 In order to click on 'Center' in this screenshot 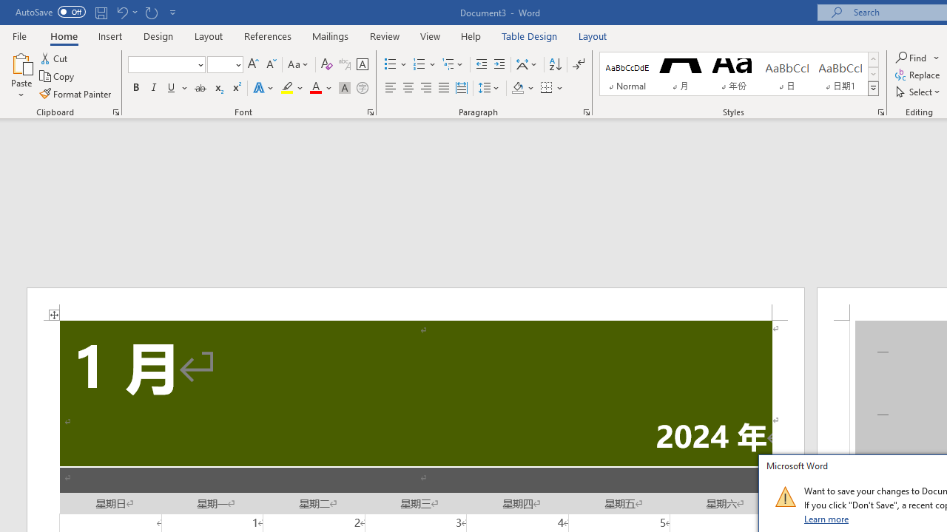, I will do `click(408, 88)`.